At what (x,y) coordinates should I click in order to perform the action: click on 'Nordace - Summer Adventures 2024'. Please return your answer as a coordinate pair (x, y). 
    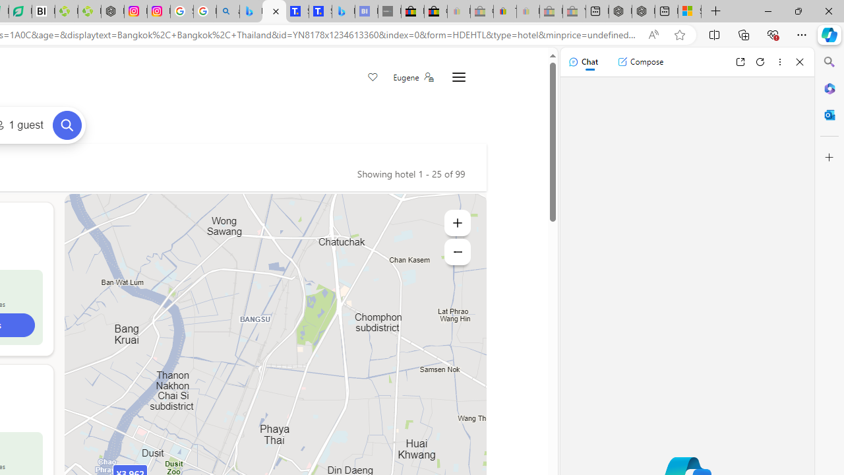
    Looking at the image, I should click on (644, 11).